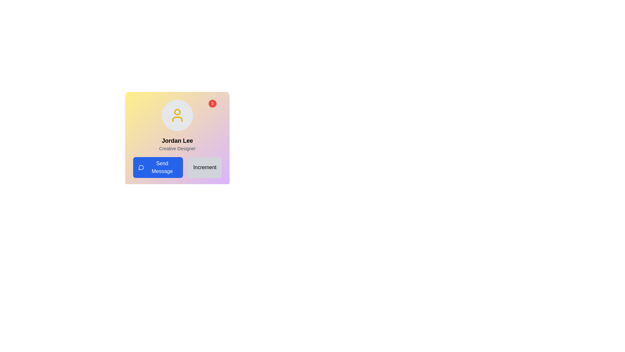 This screenshot has width=625, height=352. I want to click on the 'Increment' button, which is a rectangular button with a light gray background and rounded corners, located at the bottom center of the card, so click(204, 167).